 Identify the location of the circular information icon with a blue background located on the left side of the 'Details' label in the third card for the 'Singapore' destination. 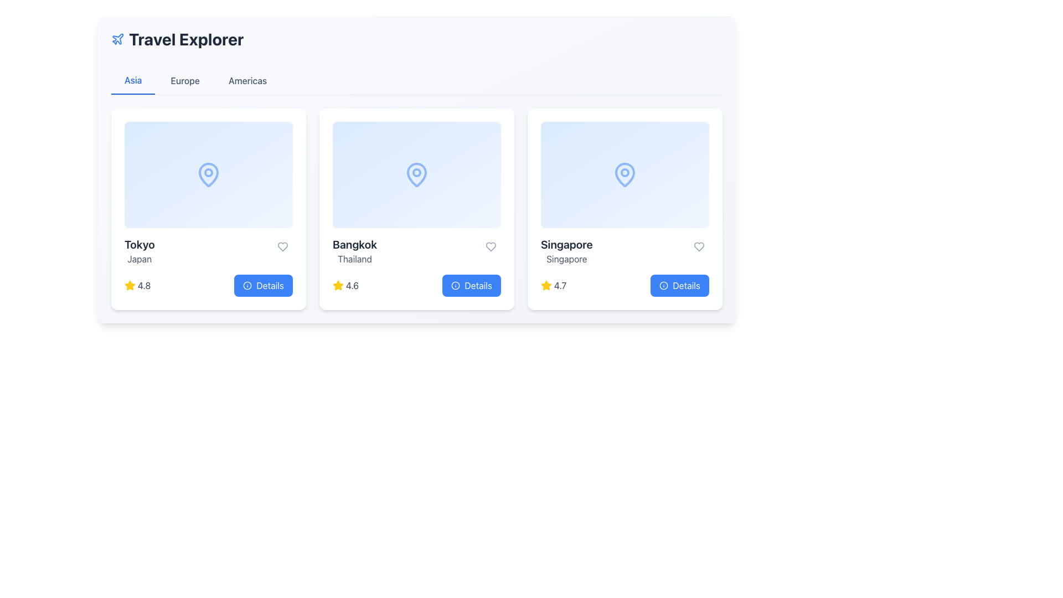
(664, 285).